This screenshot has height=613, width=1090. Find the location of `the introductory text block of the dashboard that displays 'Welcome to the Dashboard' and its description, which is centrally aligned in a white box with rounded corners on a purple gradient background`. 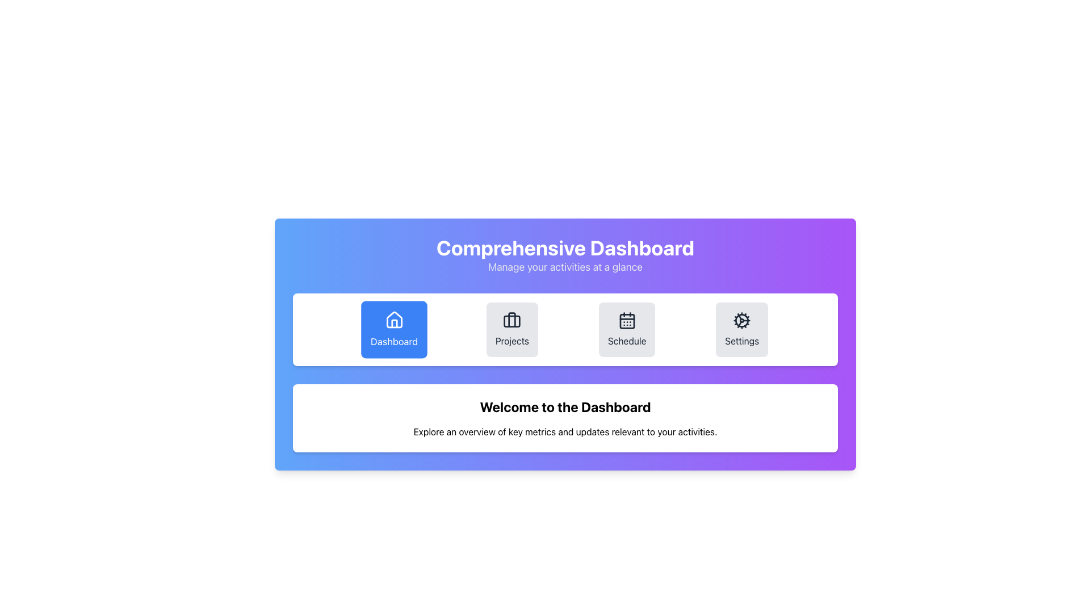

the introductory text block of the dashboard that displays 'Welcome to the Dashboard' and its description, which is centrally aligned in a white box with rounded corners on a purple gradient background is located at coordinates (565, 418).